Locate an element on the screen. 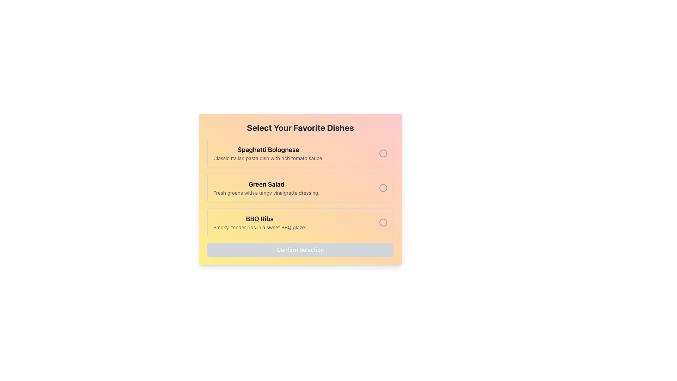 The width and height of the screenshot is (677, 381). the circular radio button indicating the selection for 'BBQ Ribs' in the rightmost portion of the food options list is located at coordinates (383, 223).